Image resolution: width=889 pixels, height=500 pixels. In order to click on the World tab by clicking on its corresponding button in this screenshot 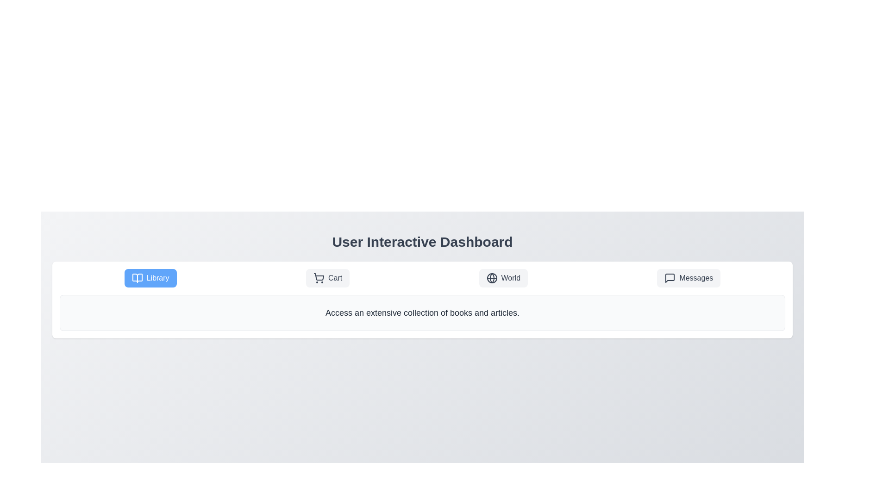, I will do `click(503, 278)`.